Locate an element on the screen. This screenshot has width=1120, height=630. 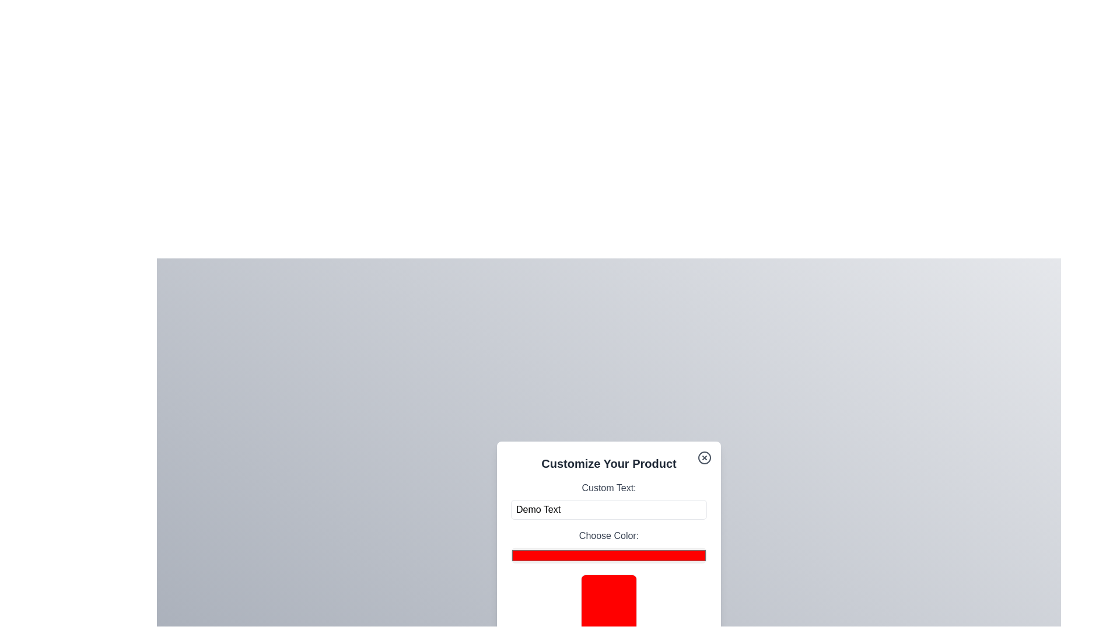
the color picker to a specific color value 7776460 is located at coordinates (608, 555).